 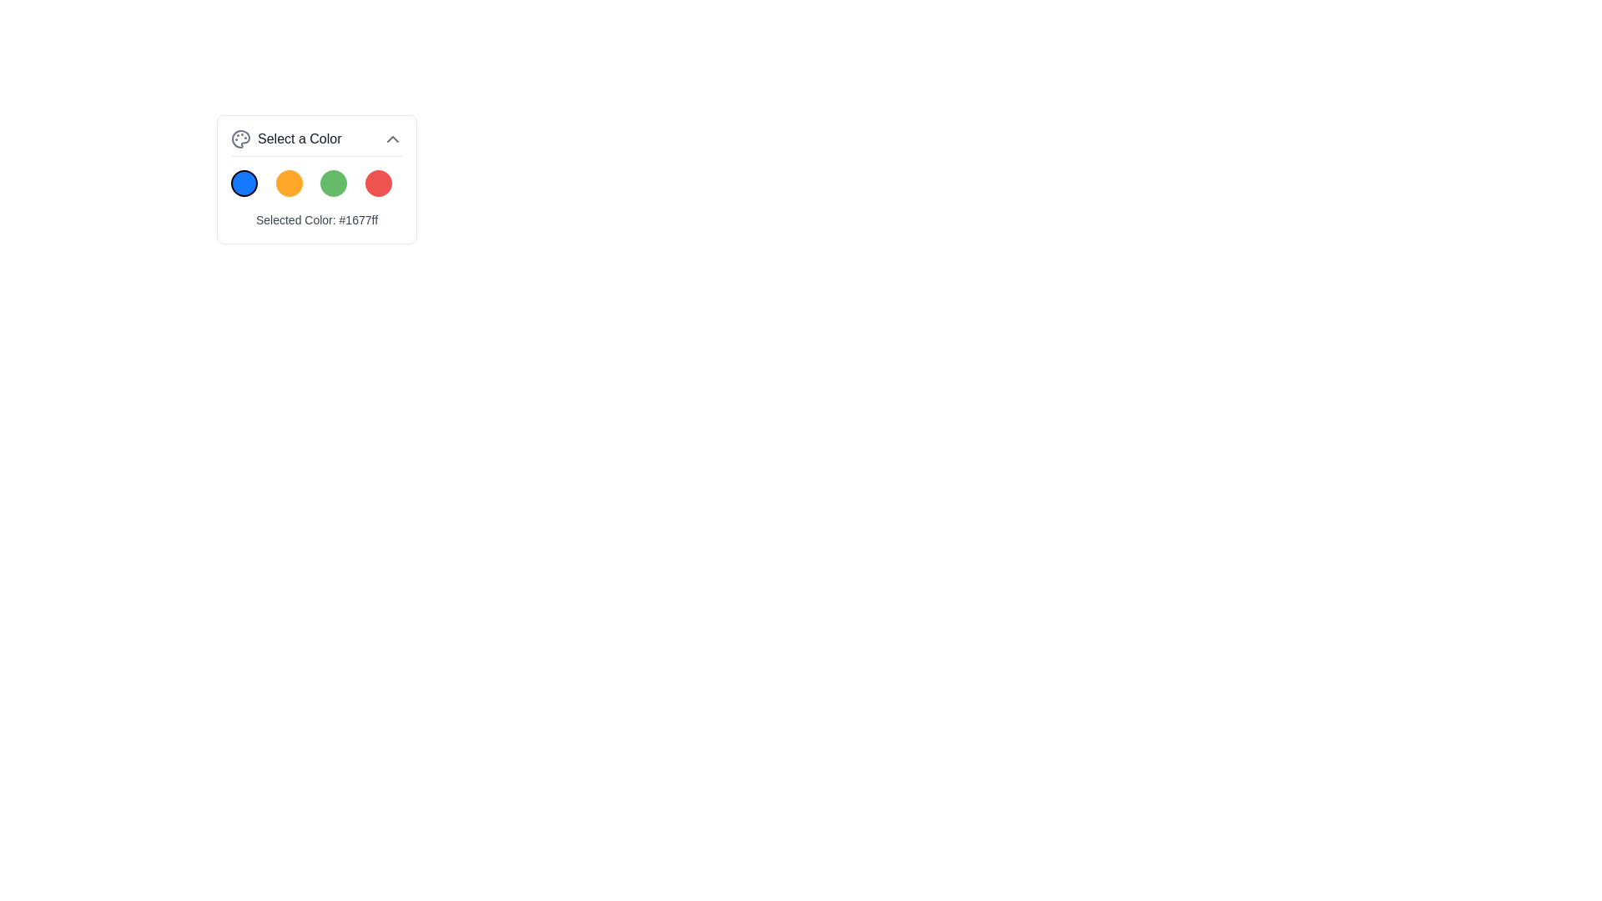 What do you see at coordinates (333, 183) in the screenshot?
I see `the green circular button, which is the third button in a row of four` at bounding box center [333, 183].